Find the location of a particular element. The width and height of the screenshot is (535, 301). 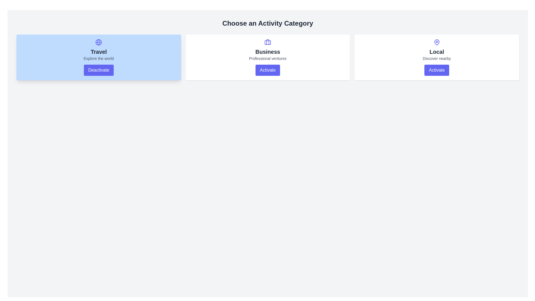

the 'Business' category icon located in the second card from the left, positioned above the text label 'Business' is located at coordinates (267, 42).